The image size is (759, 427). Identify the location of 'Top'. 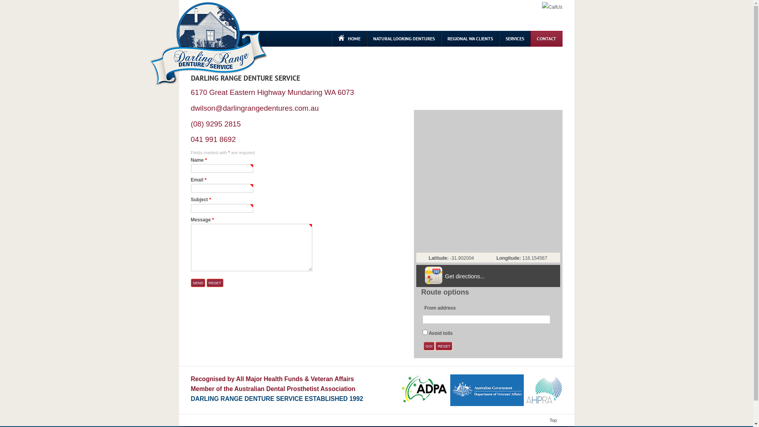
(548, 420).